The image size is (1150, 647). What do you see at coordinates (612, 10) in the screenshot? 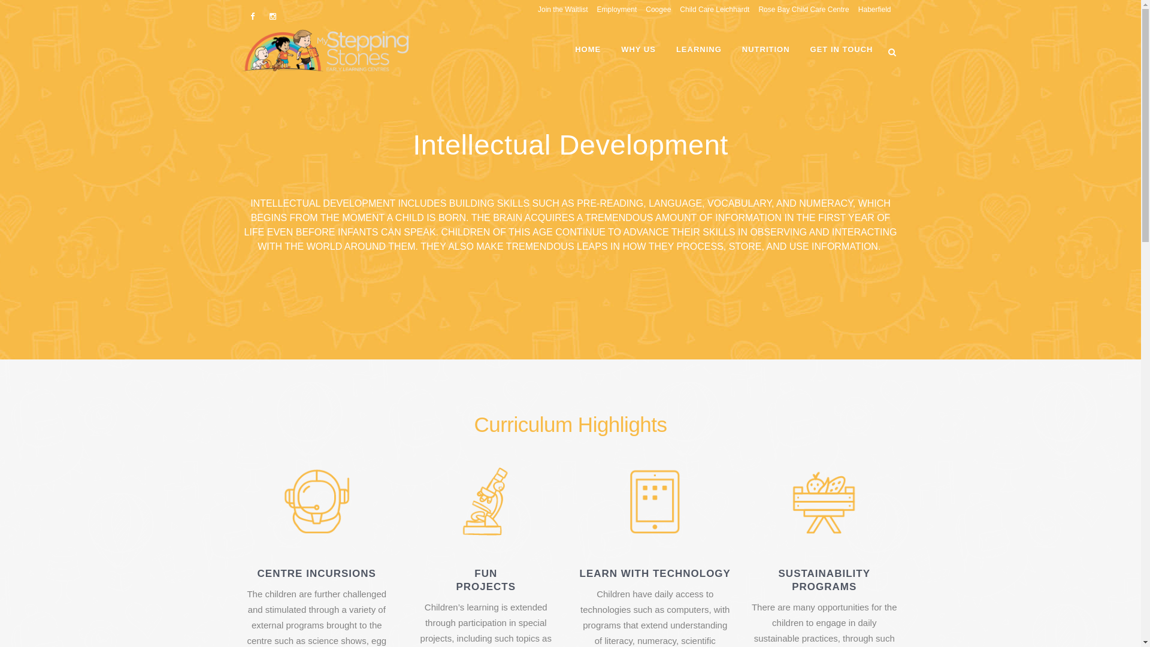
I see `'Employment'` at bounding box center [612, 10].